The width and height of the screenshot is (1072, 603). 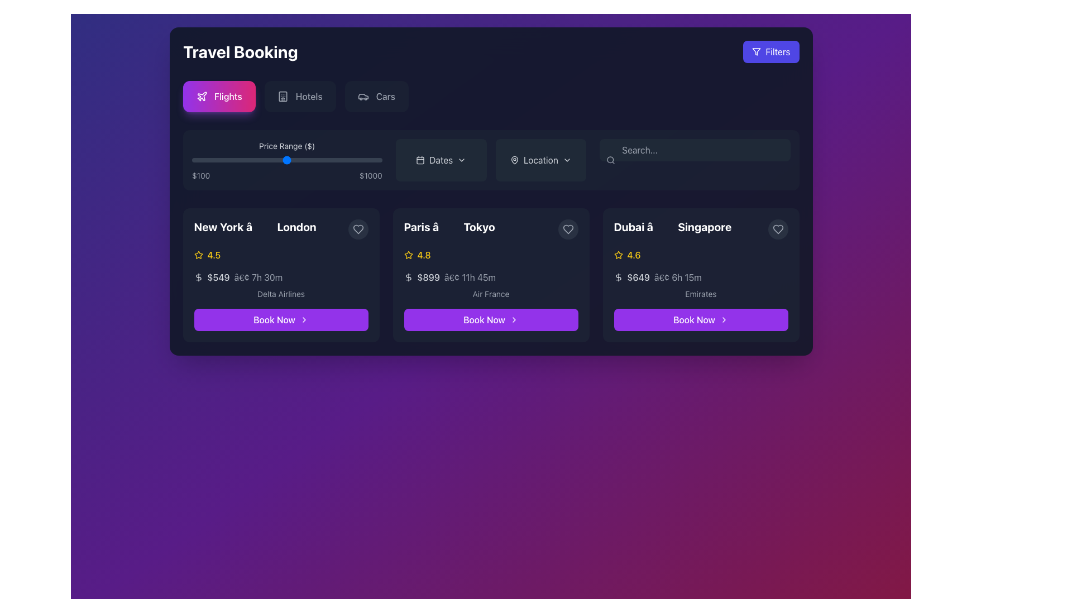 What do you see at coordinates (198, 255) in the screenshot?
I see `the star-shaped yellow icon representing ratings, located to the left of the '4.5' rating for the New York to London trip offering` at bounding box center [198, 255].